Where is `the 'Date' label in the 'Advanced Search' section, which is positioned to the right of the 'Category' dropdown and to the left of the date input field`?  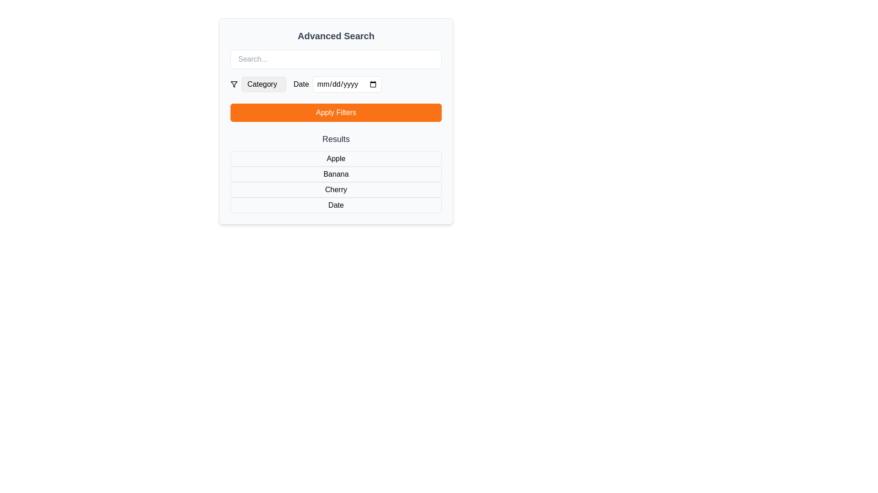
the 'Date' label in the 'Advanced Search' section, which is positioned to the right of the 'Category' dropdown and to the left of the date input field is located at coordinates (301, 84).